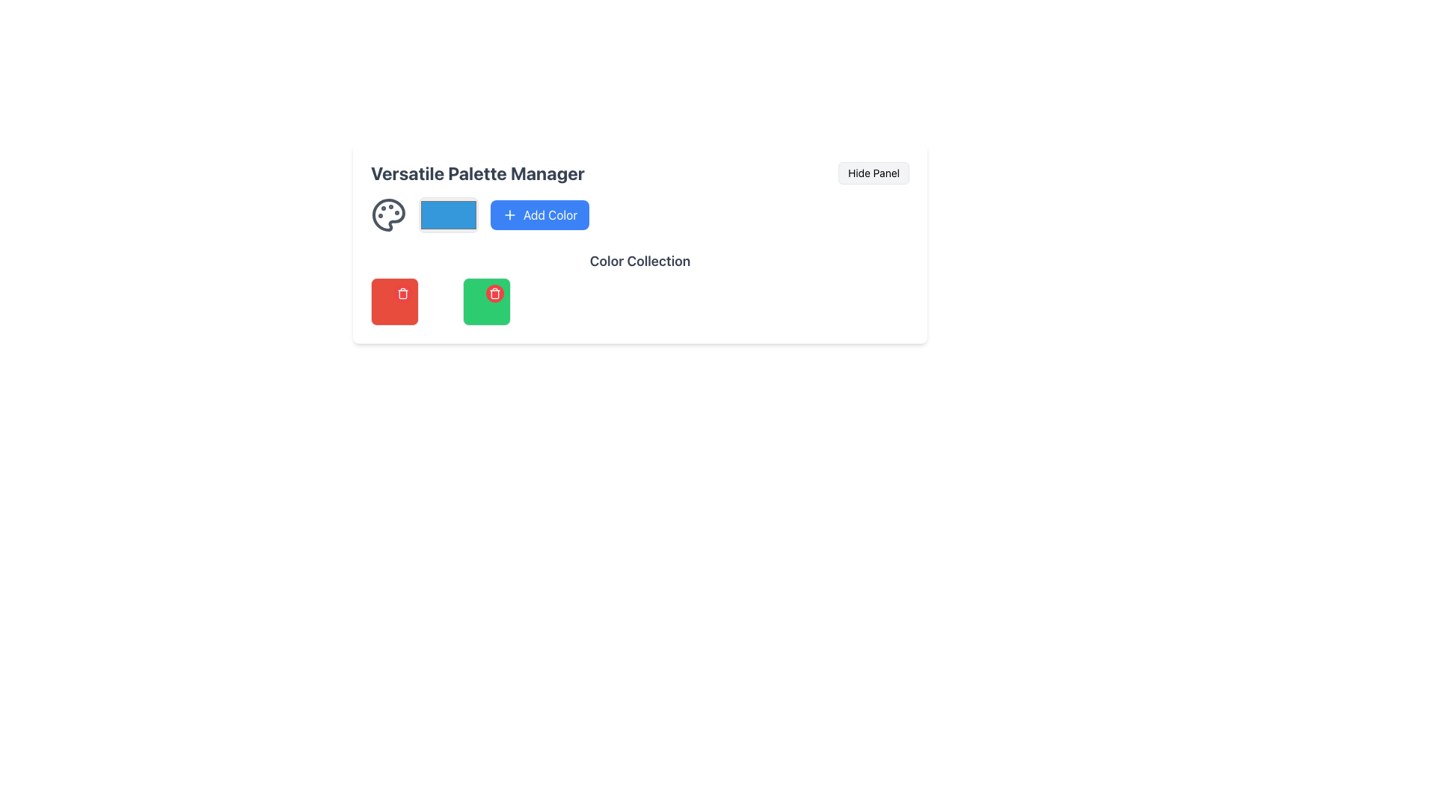 The image size is (1436, 807). Describe the element at coordinates (402, 294) in the screenshot. I see `the circular red button with a white trash can icon located at the upper-right corner of the red rectangular card` at that location.